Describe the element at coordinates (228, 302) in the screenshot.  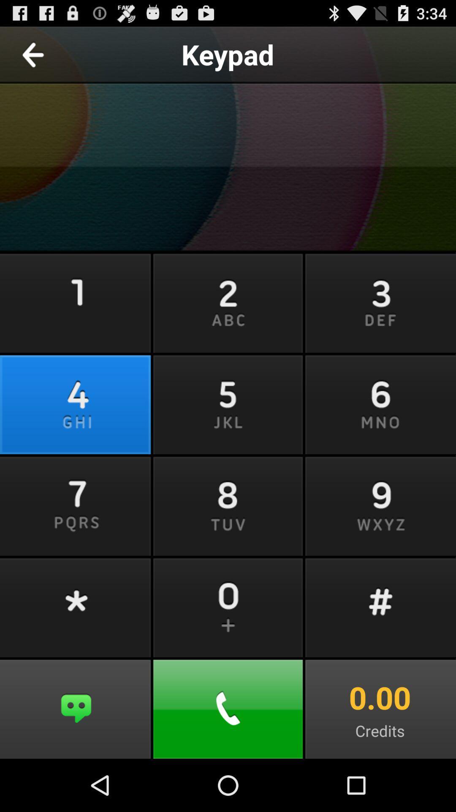
I see `button right to 1` at that location.